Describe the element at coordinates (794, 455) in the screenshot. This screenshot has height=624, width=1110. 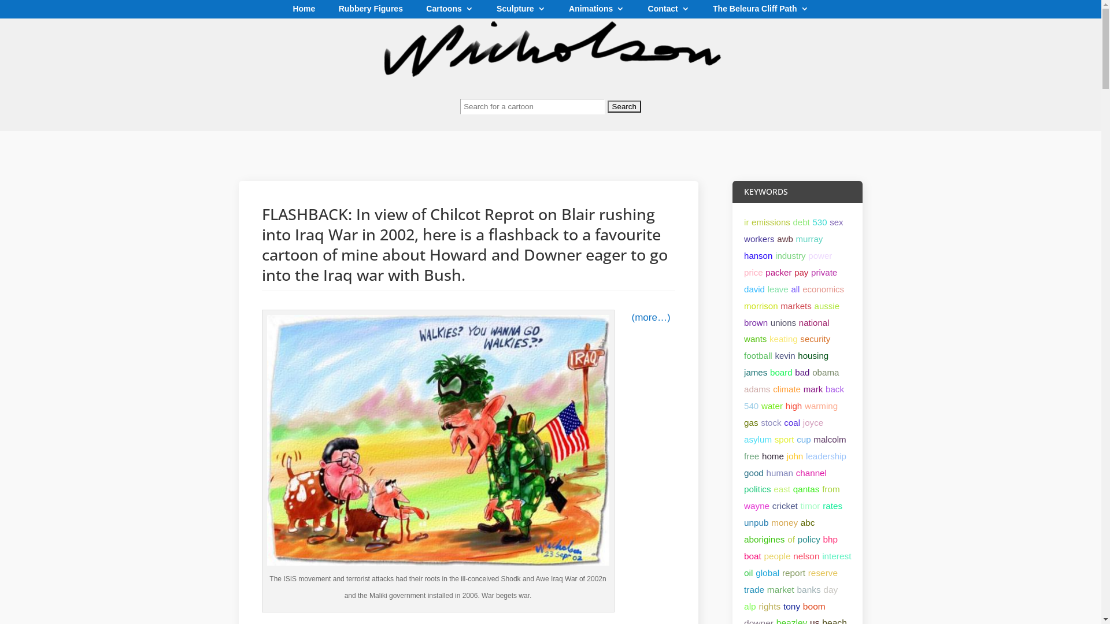
I see `'john'` at that location.